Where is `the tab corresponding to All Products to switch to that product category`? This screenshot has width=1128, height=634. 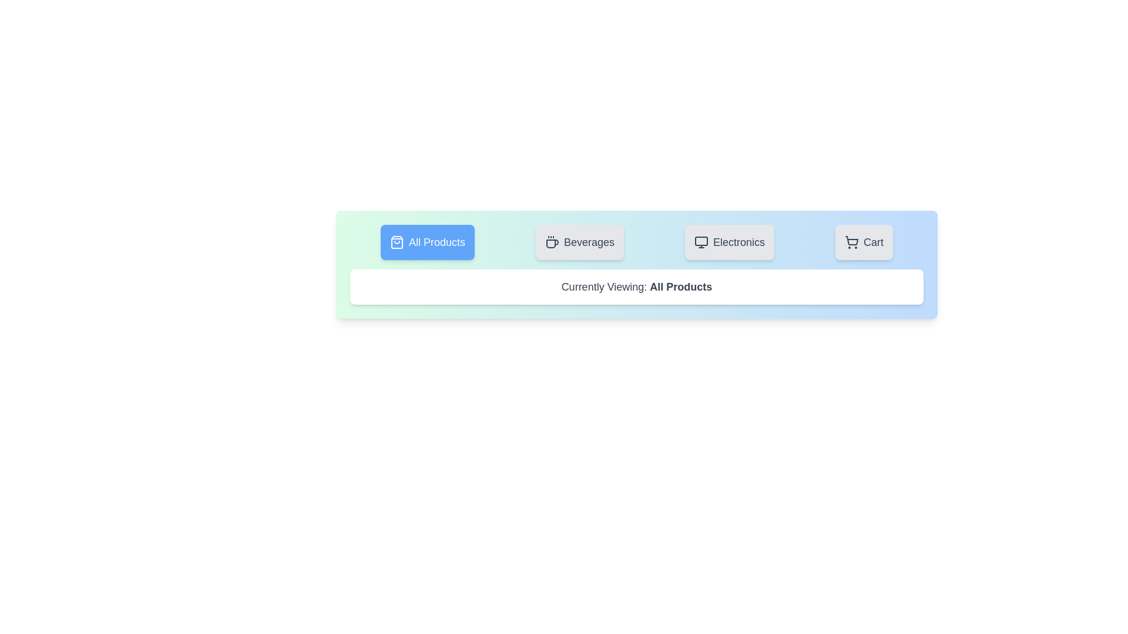
the tab corresponding to All Products to switch to that product category is located at coordinates (427, 241).